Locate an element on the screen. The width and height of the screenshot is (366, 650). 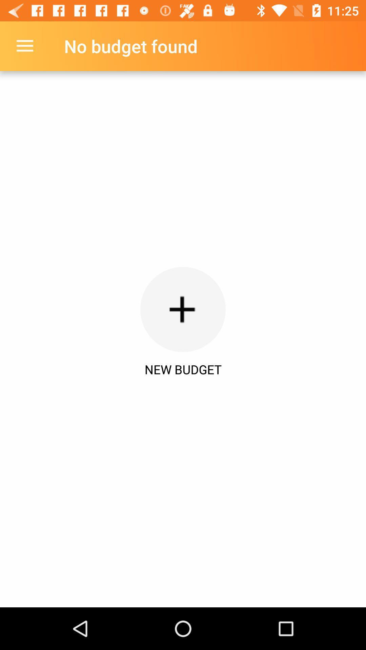
the icon at the top left corner is located at coordinates (24, 46).